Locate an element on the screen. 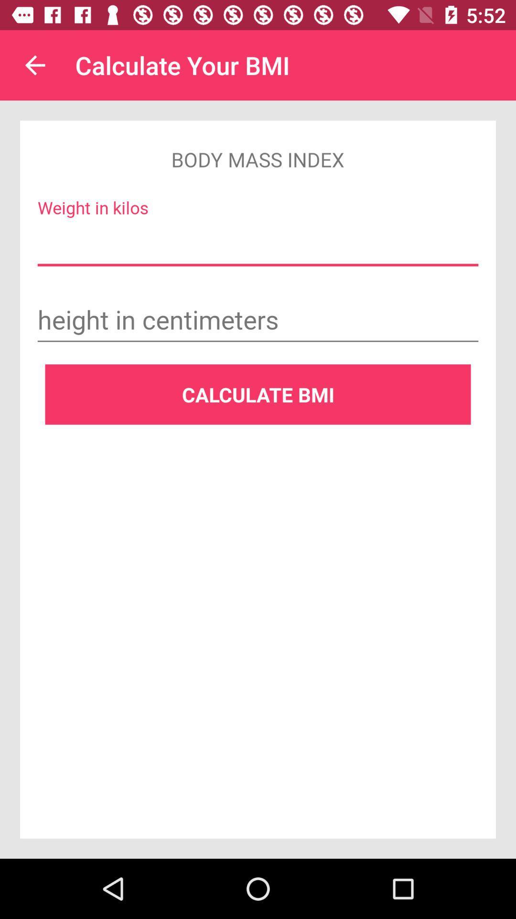 The height and width of the screenshot is (919, 516). fill section is located at coordinates (258, 244).